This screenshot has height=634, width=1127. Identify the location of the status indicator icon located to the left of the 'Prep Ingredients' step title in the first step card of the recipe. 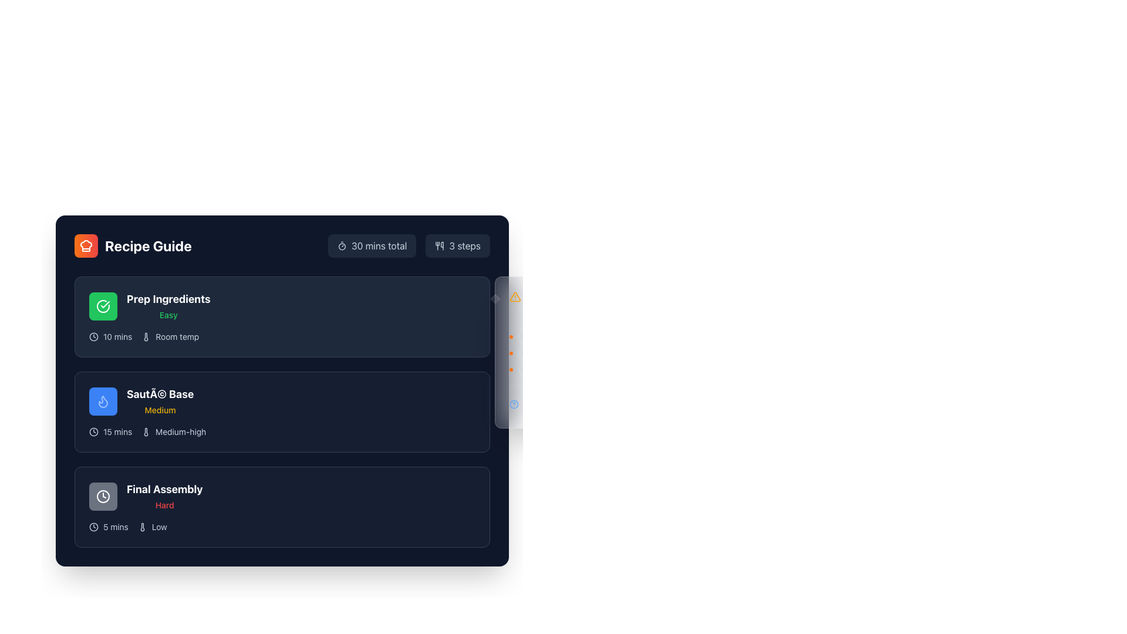
(103, 305).